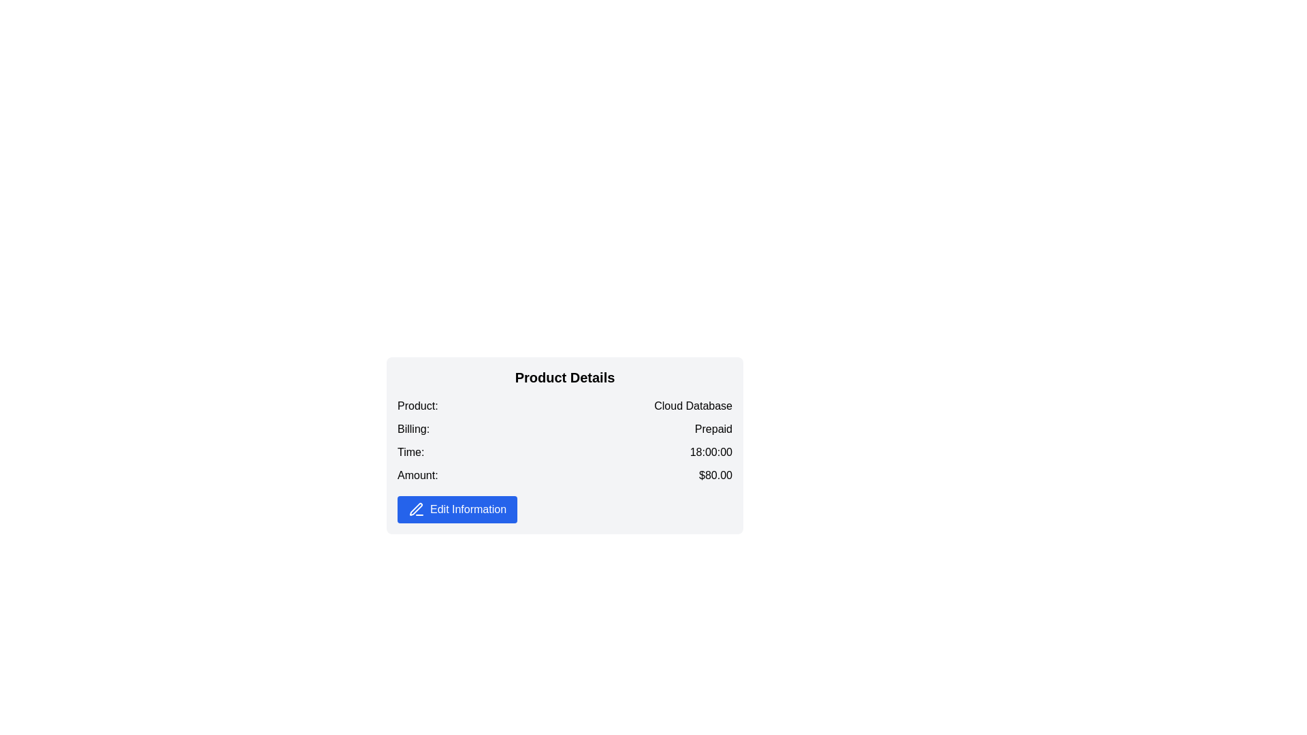 This screenshot has height=735, width=1307. I want to click on the button located at the bottom of the 'Product Details' card, so click(457, 509).